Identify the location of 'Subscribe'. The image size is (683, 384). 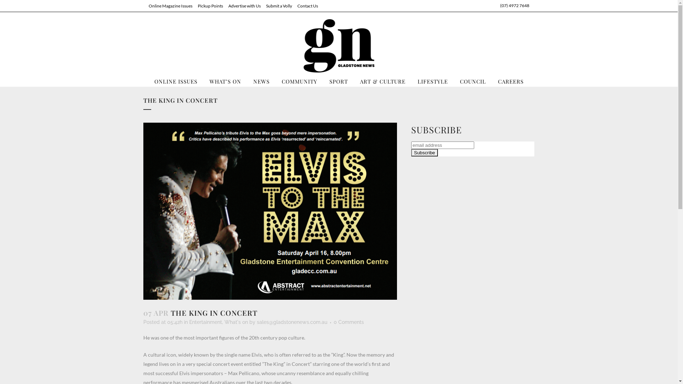
(424, 152).